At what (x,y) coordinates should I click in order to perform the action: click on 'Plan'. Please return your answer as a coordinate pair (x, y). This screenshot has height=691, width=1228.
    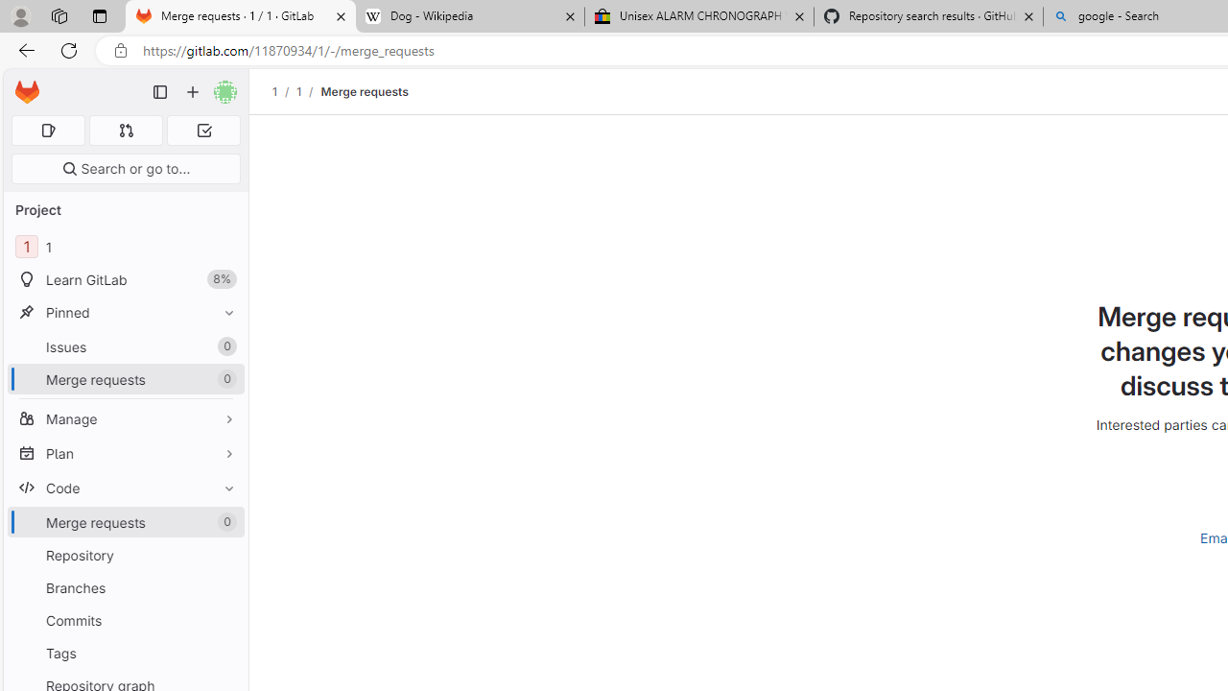
    Looking at the image, I should click on (125, 453).